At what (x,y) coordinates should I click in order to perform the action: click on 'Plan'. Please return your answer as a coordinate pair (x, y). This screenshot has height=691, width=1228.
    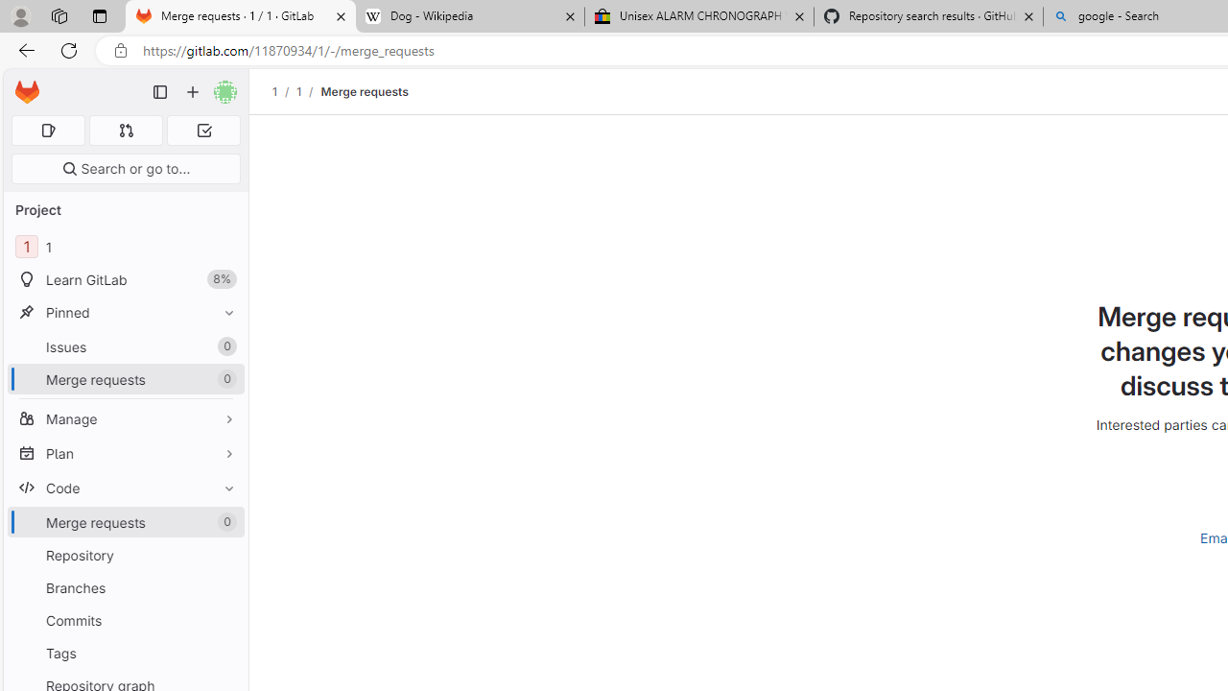
    Looking at the image, I should click on (125, 453).